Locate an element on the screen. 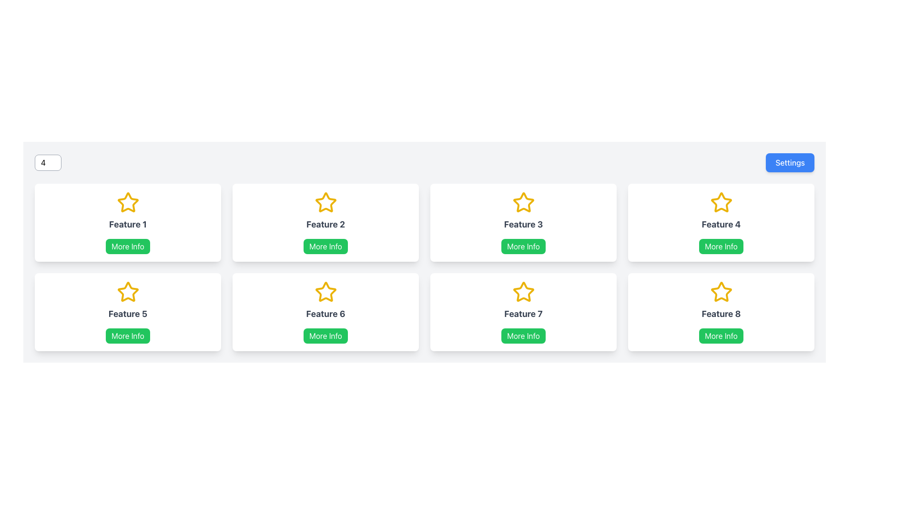 The image size is (915, 514). the 'More Info' button with a green background and white text, located beneath the title 'Feature 7' in the card layout to potentially display a tooltip is located at coordinates (523, 335).